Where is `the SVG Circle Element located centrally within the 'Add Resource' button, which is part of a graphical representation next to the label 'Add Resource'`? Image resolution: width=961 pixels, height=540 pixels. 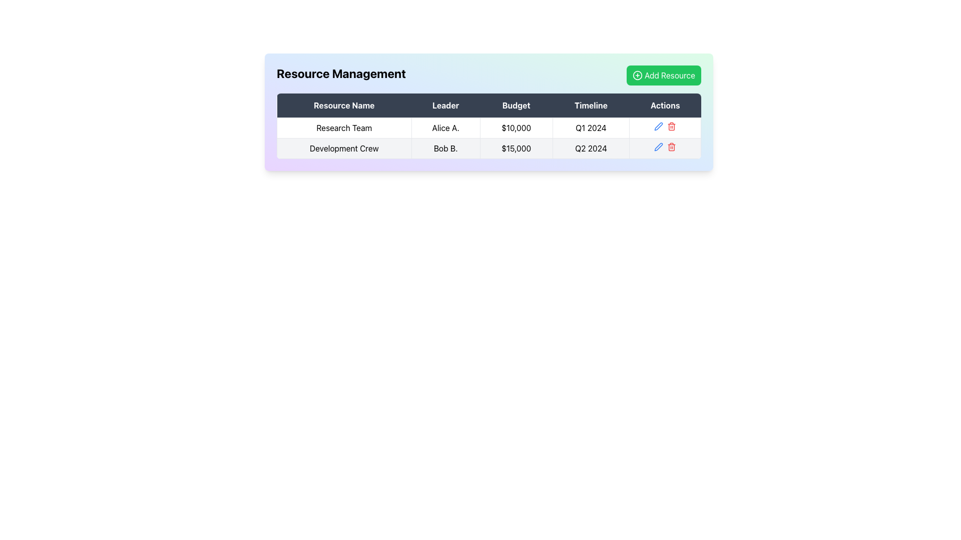
the SVG Circle Element located centrally within the 'Add Resource' button, which is part of a graphical representation next to the label 'Add Resource' is located at coordinates (637, 74).